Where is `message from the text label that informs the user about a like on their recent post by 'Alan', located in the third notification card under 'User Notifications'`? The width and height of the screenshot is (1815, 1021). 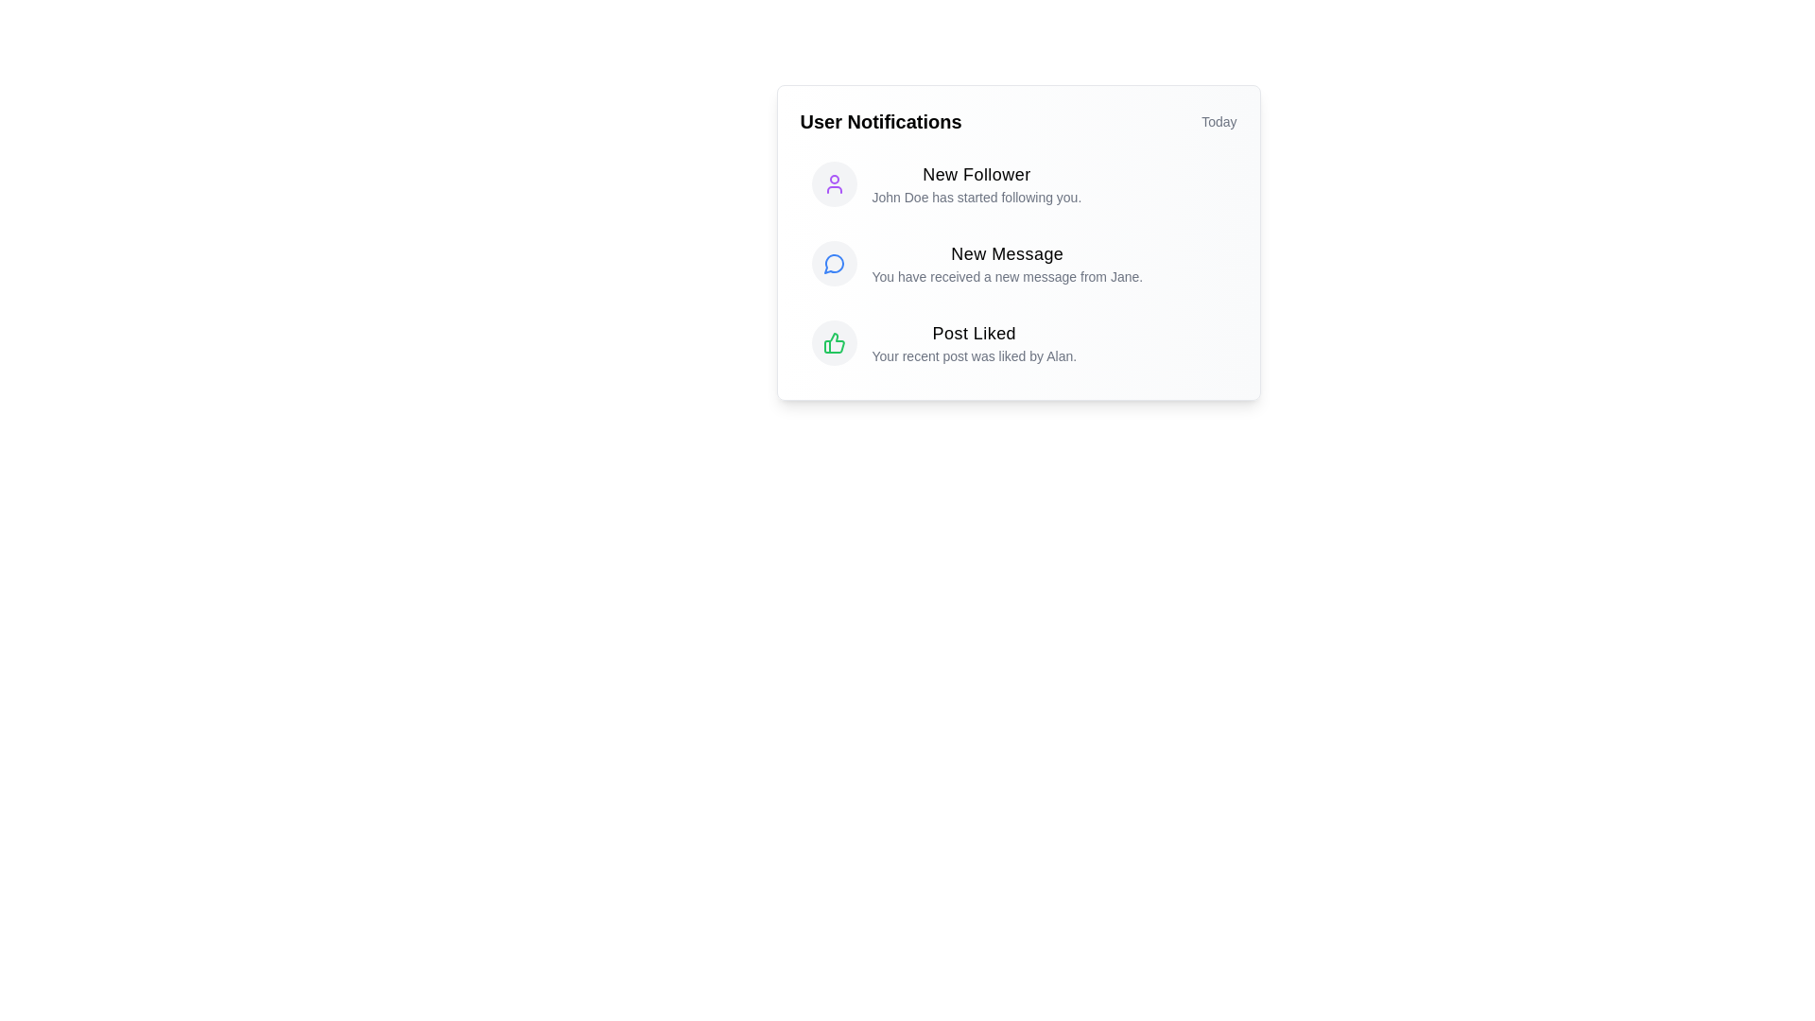
message from the text label that informs the user about a like on their recent post by 'Alan', located in the third notification card under 'User Notifications' is located at coordinates (974, 356).